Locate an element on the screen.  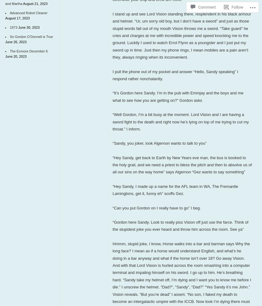
'“Can you put Gordon on I really have to go” I beg.' is located at coordinates (156, 207).